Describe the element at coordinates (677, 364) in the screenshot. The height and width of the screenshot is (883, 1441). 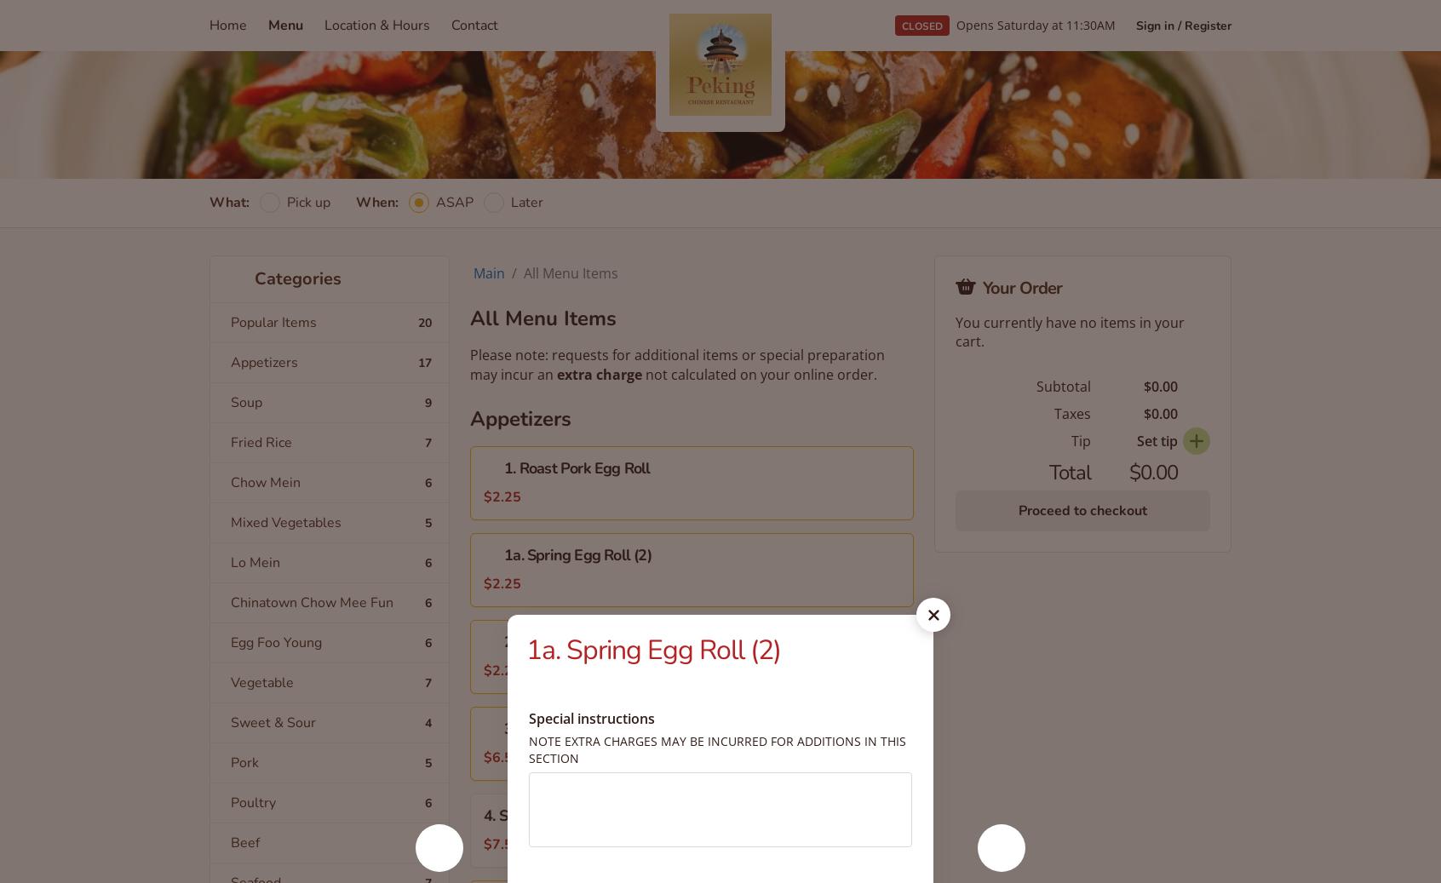
I see `'Please note: requests for additional items or special preparation may incur an'` at that location.